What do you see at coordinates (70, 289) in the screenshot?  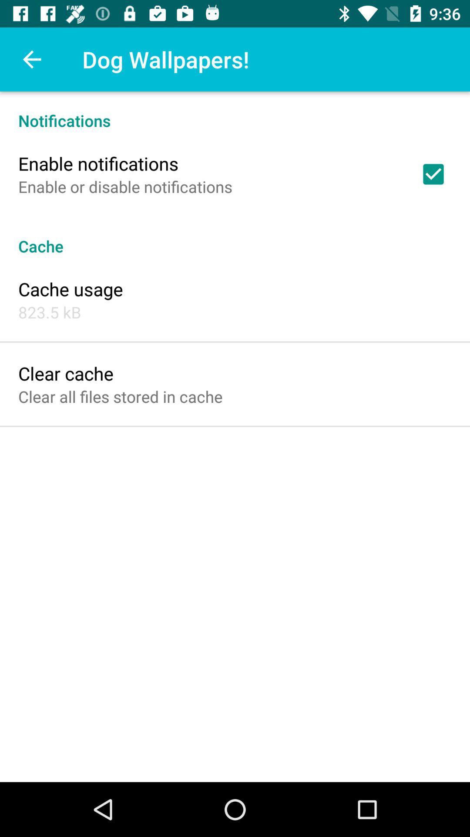 I see `the item below the cache item` at bounding box center [70, 289].